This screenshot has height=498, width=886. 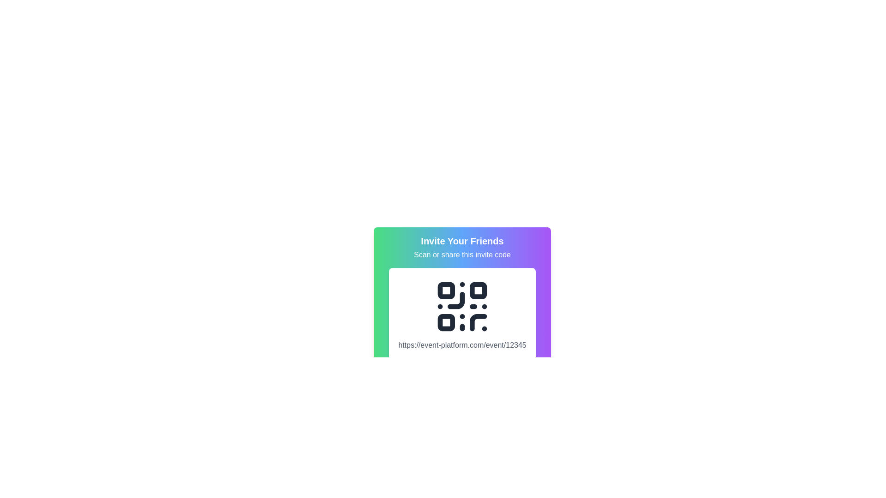 I want to click on the static text that provides instructional guidance for scanning or sharing the invite code, located below 'Invite Your Friends' and above the QR code, so click(x=462, y=255).